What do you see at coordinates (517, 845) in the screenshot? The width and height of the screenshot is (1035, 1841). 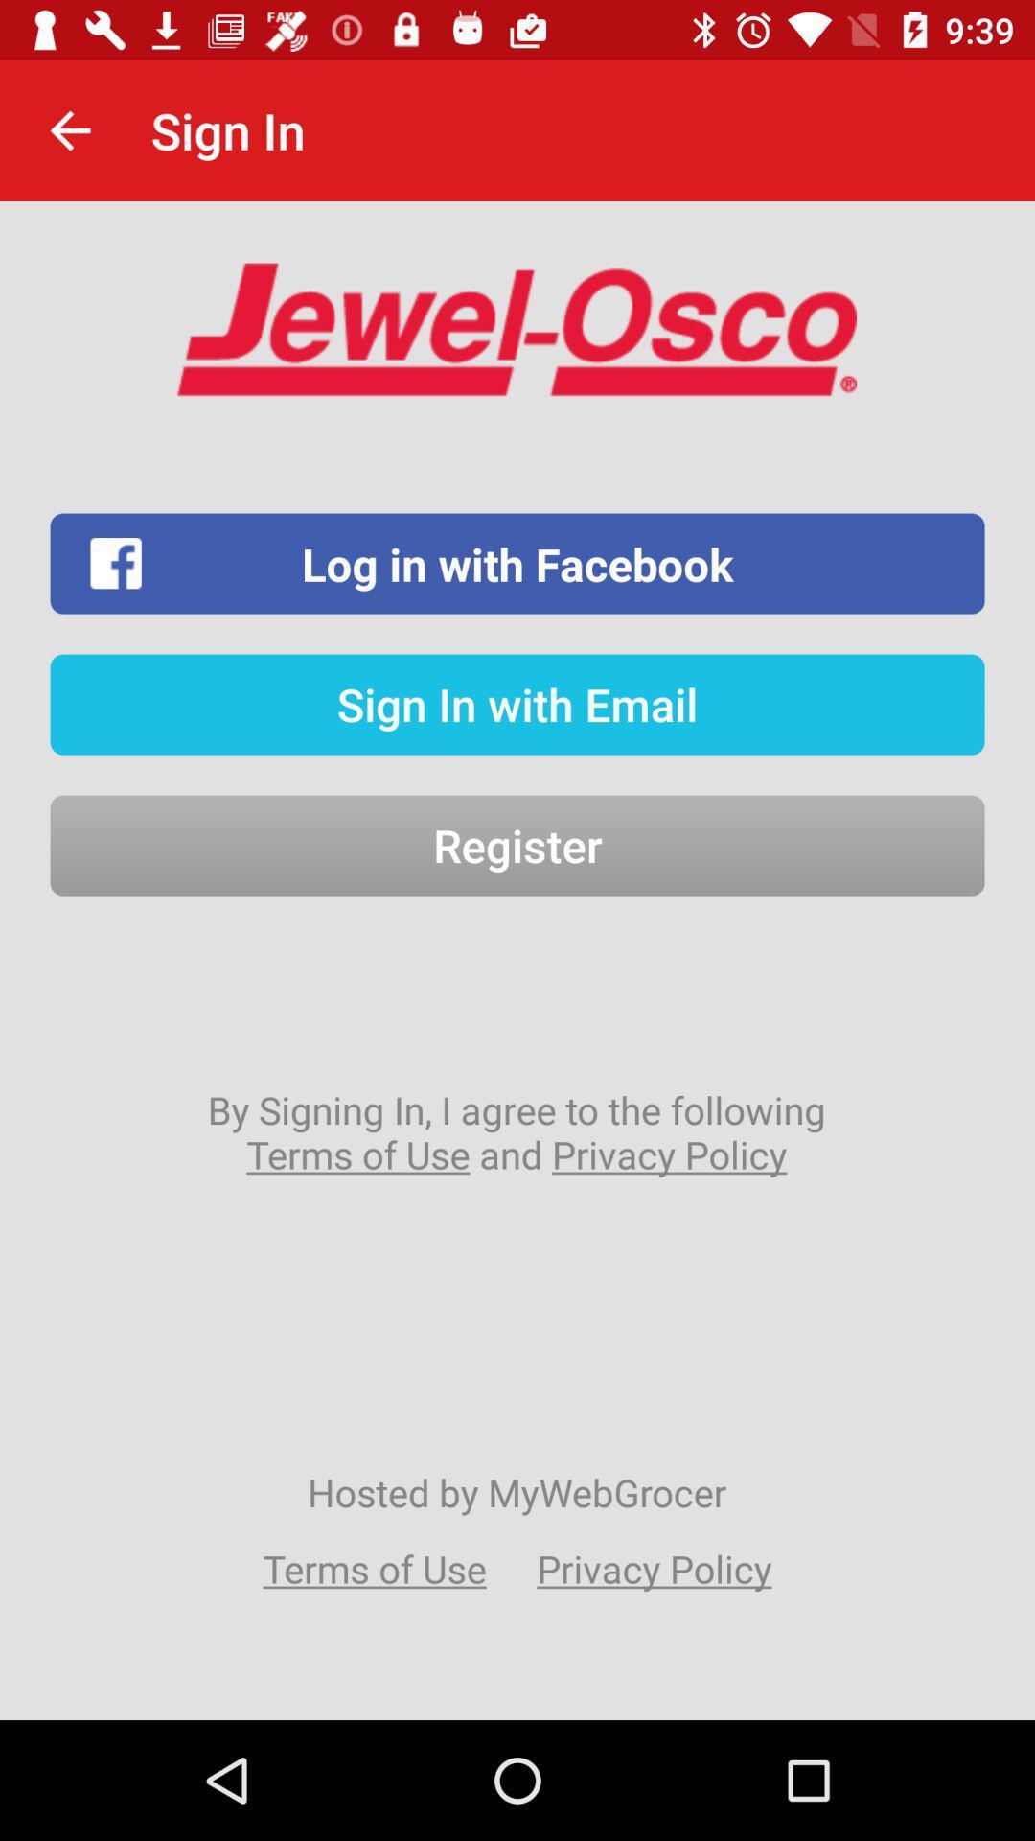 I see `the item below the sign in with` at bounding box center [517, 845].